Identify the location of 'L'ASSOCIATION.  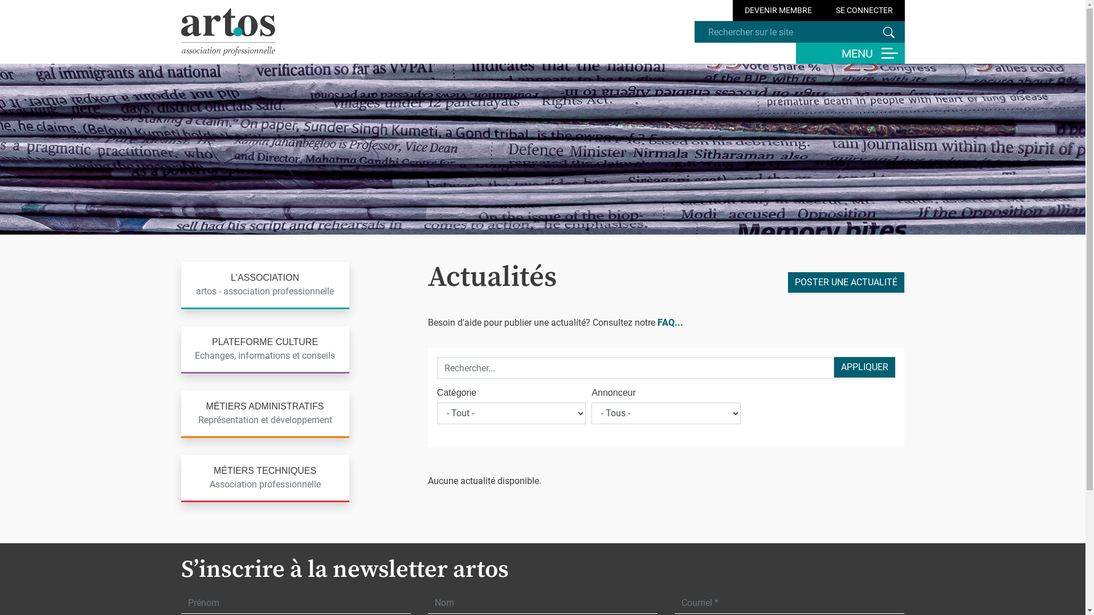
(264, 285).